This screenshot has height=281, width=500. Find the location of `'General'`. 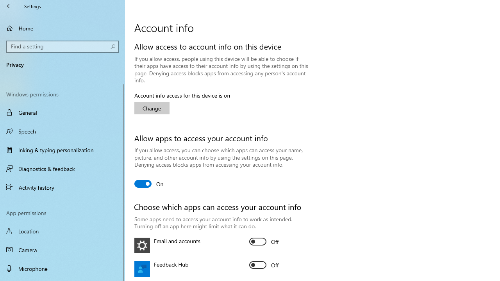

'General' is located at coordinates (62, 112).